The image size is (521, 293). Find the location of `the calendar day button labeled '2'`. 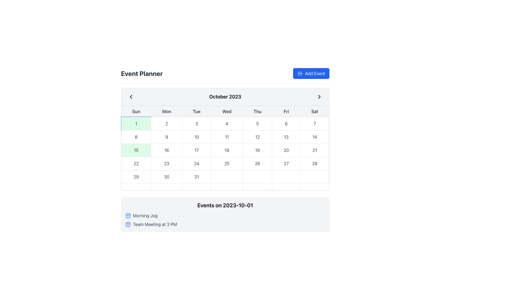

the calendar day button labeled '2' is located at coordinates (166, 123).